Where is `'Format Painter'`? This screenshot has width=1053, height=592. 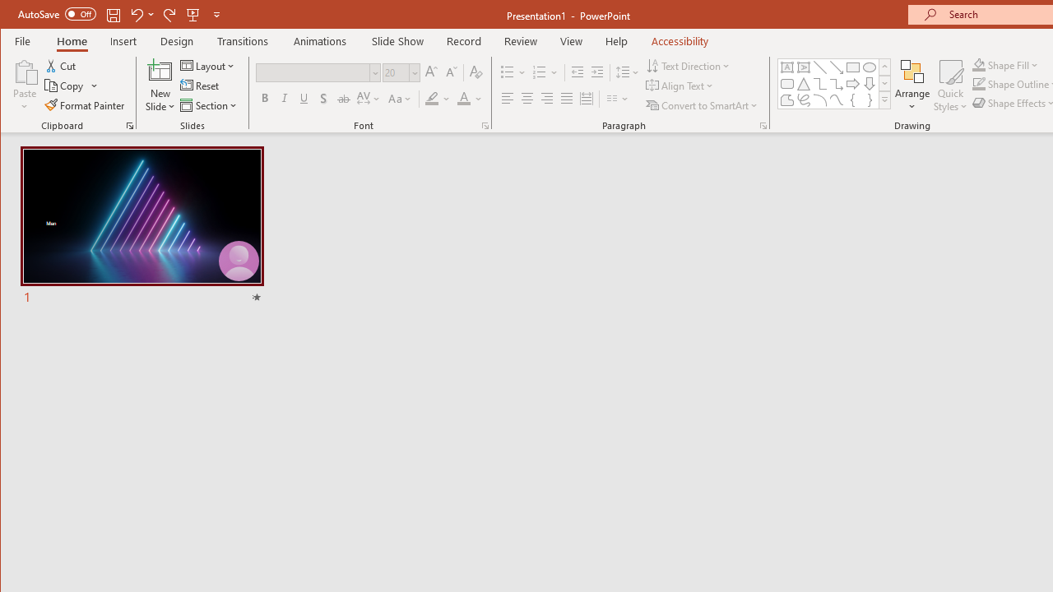
'Format Painter' is located at coordinates (85, 105).